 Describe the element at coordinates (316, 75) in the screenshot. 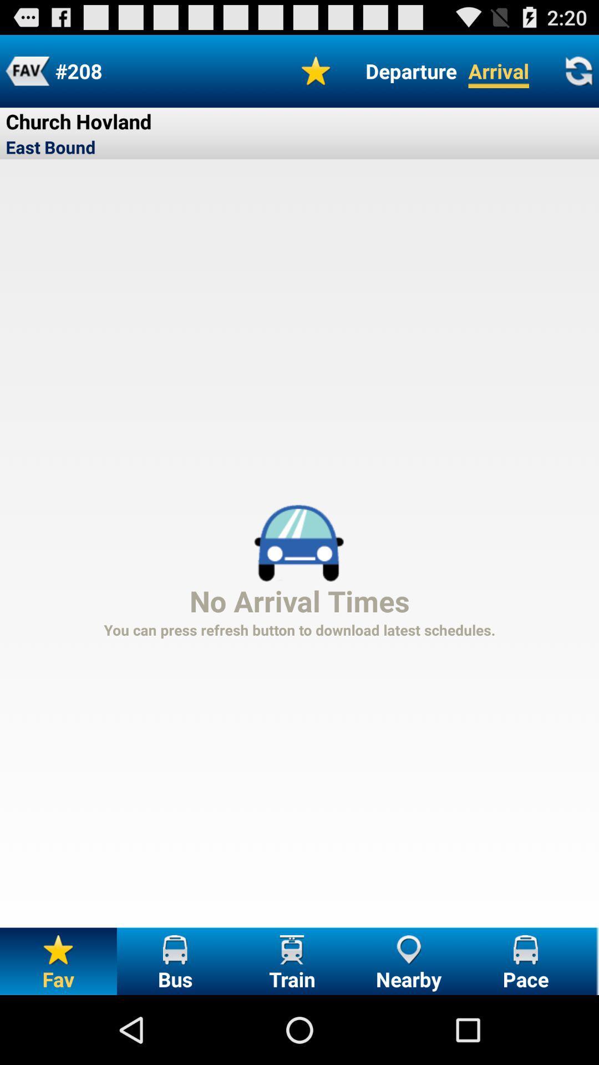

I see `the star icon` at that location.